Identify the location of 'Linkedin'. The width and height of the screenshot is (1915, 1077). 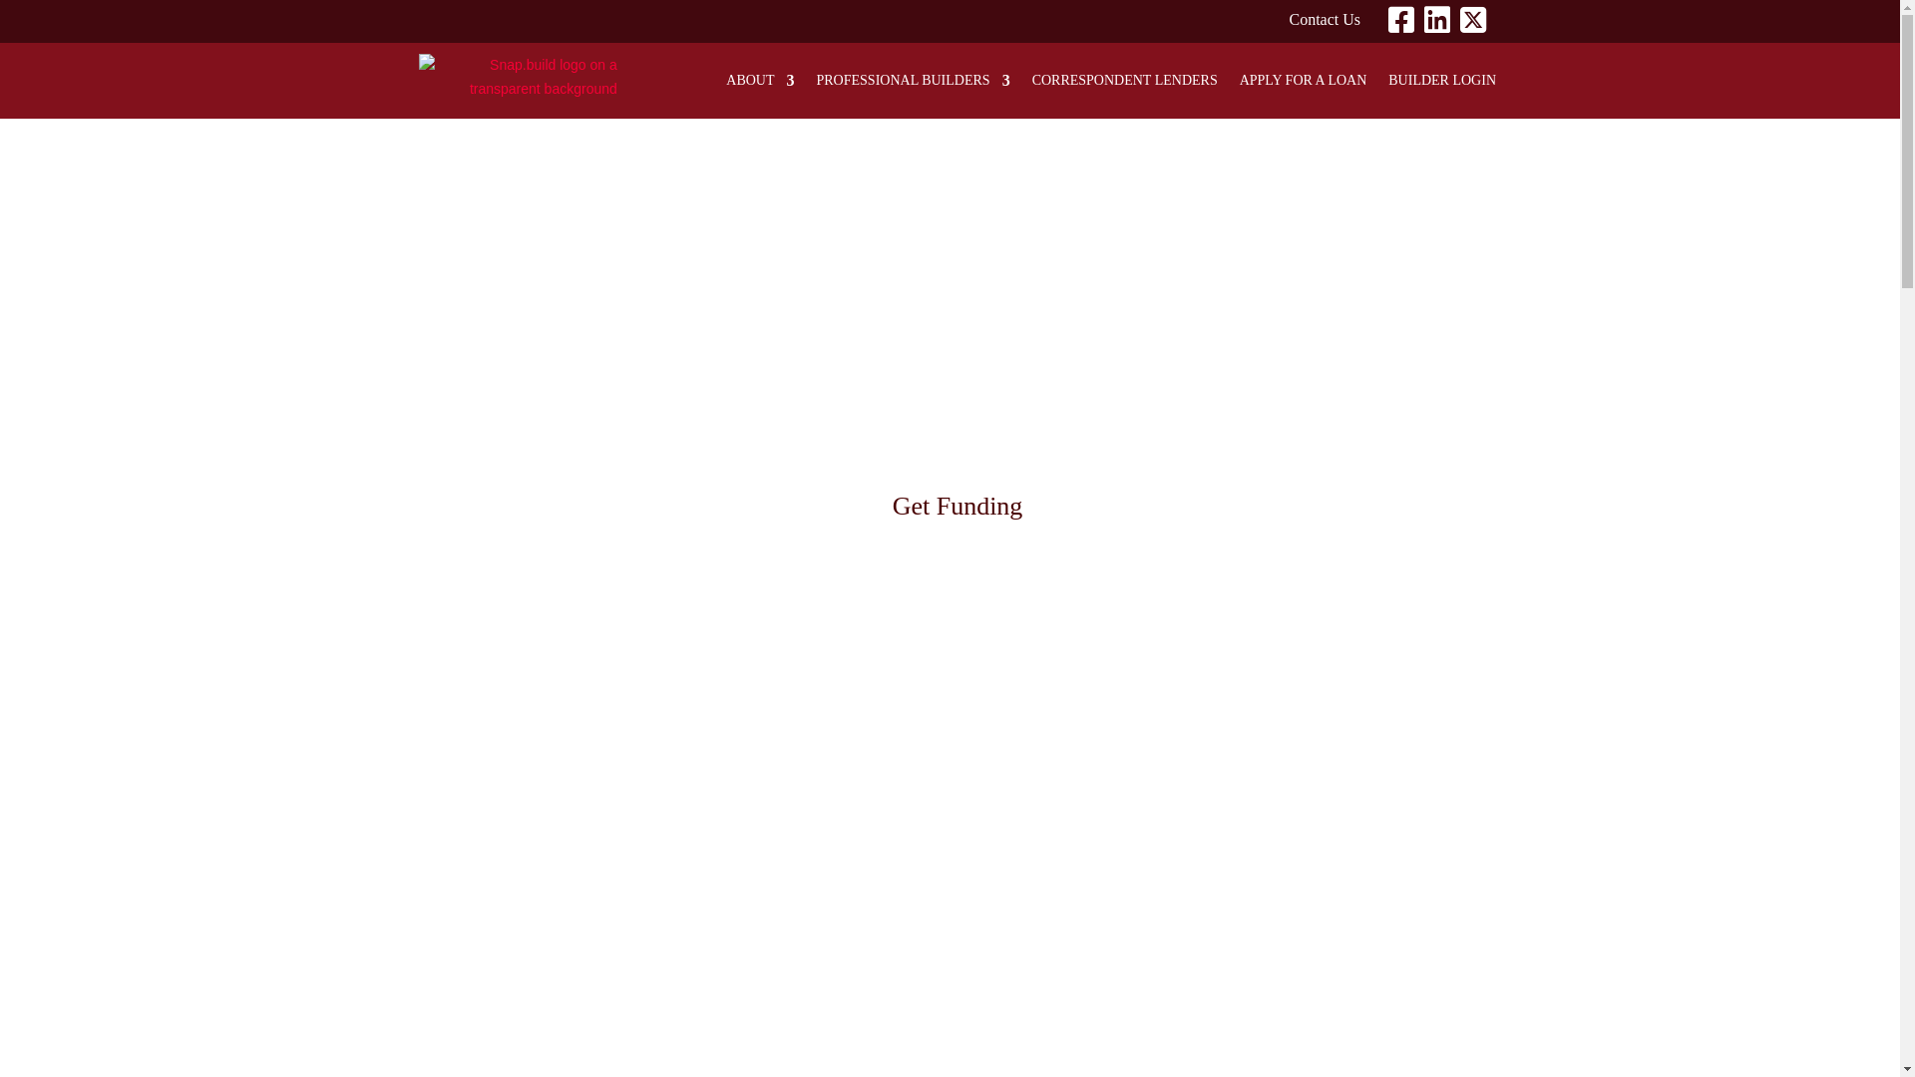
(1441, 26).